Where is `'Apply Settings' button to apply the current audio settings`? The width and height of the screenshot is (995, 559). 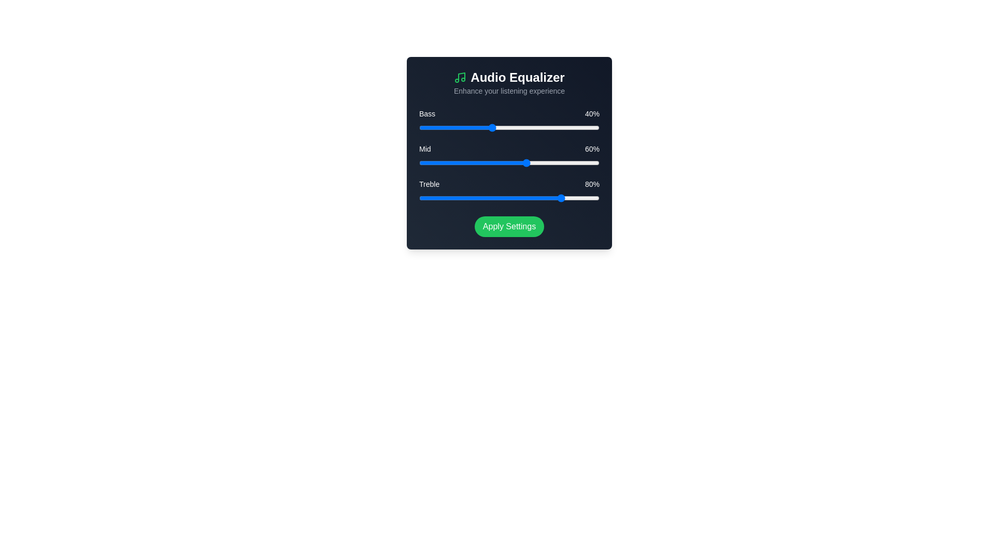 'Apply Settings' button to apply the current audio settings is located at coordinates (509, 226).